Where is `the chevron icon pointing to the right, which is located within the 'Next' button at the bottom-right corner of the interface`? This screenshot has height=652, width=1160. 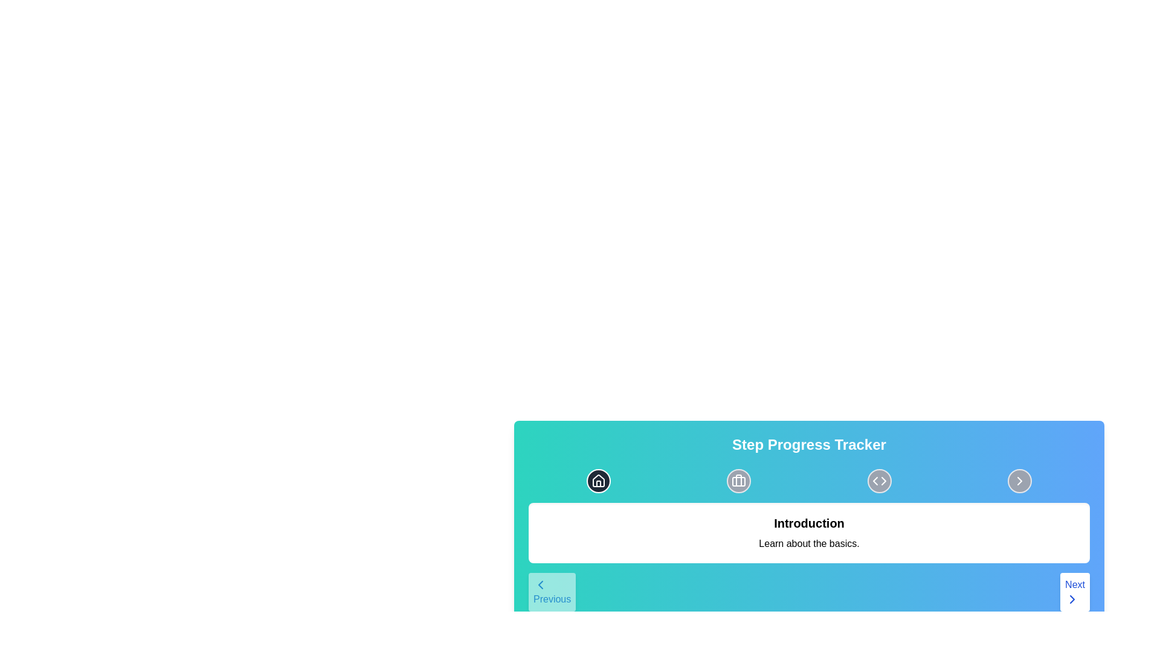
the chevron icon pointing to the right, which is located within the 'Next' button at the bottom-right corner of the interface is located at coordinates (1072, 599).